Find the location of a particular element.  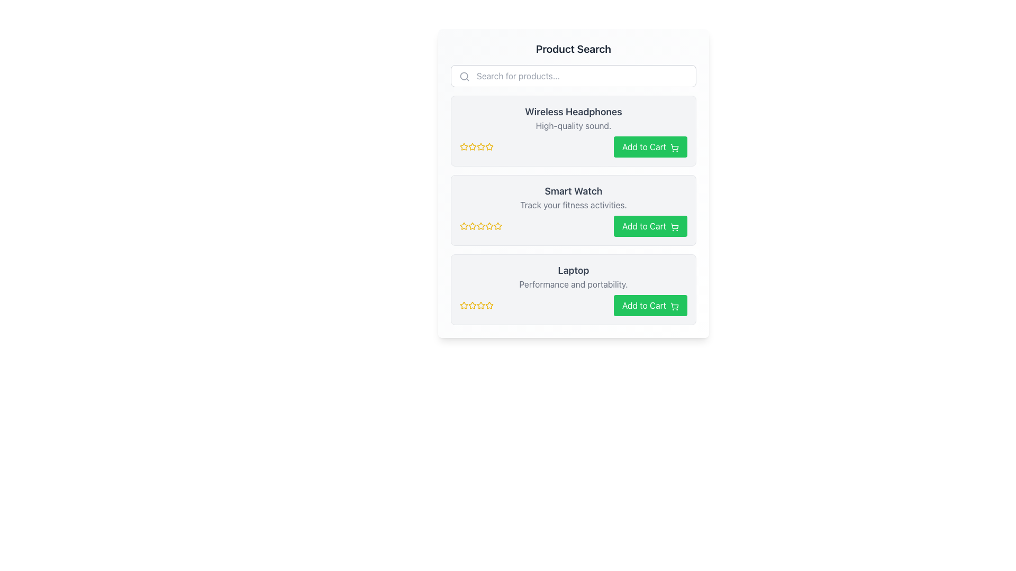

the text label 'Track your fitness activities.' located below the title 'Smart Watch' in the product card is located at coordinates (573, 205).